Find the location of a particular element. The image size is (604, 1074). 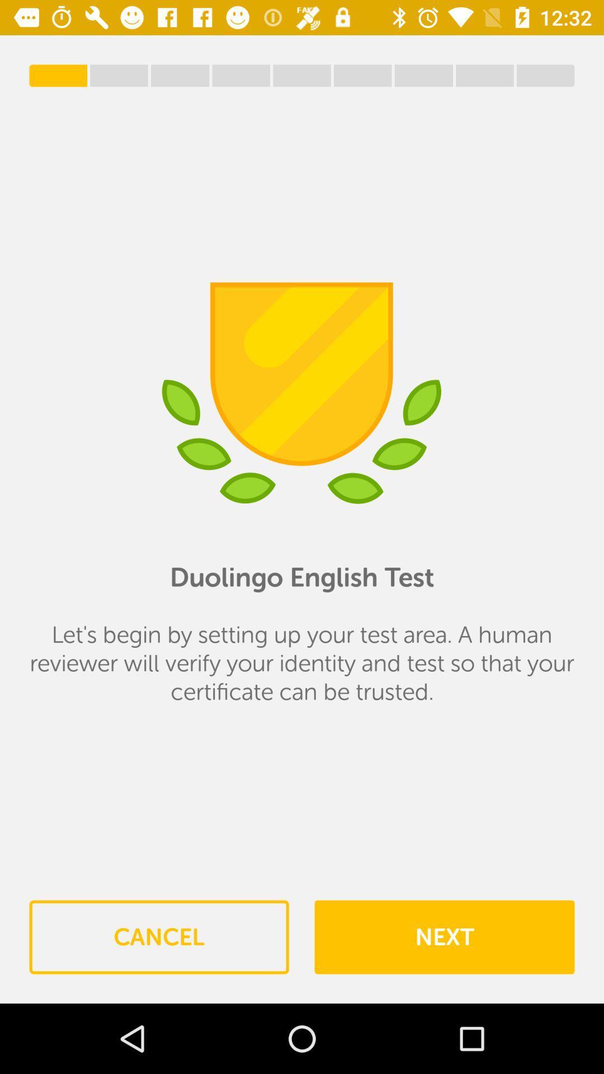

the next is located at coordinates (443, 937).